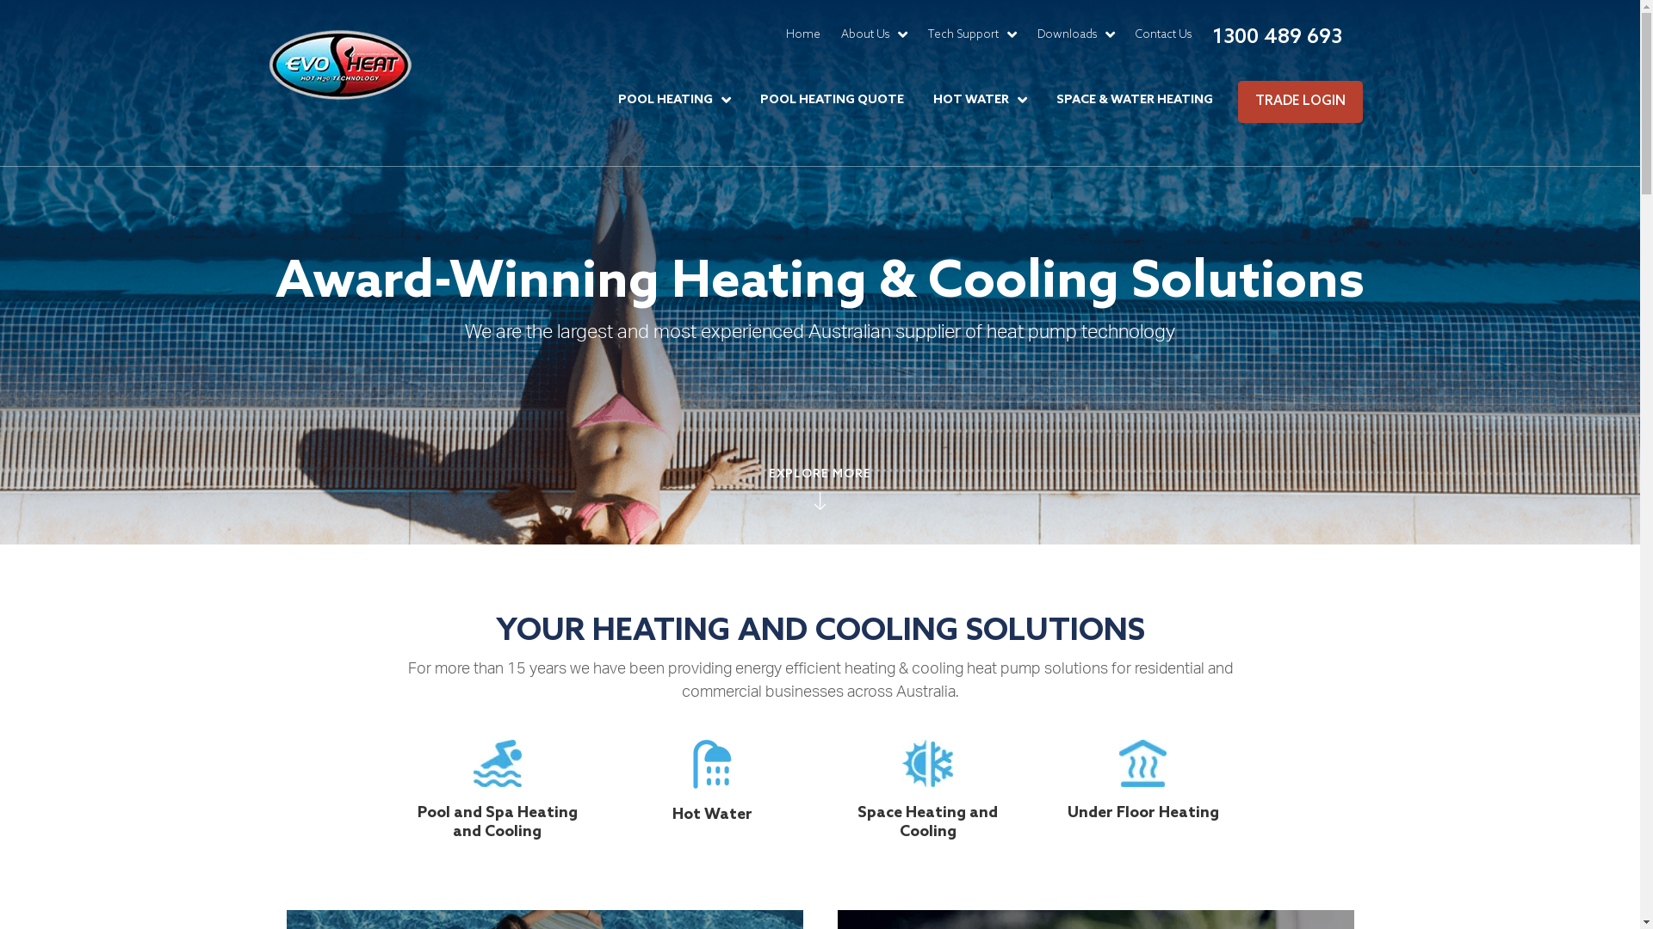 Image resolution: width=1653 pixels, height=929 pixels. What do you see at coordinates (873, 34) in the screenshot?
I see `'About Us'` at bounding box center [873, 34].